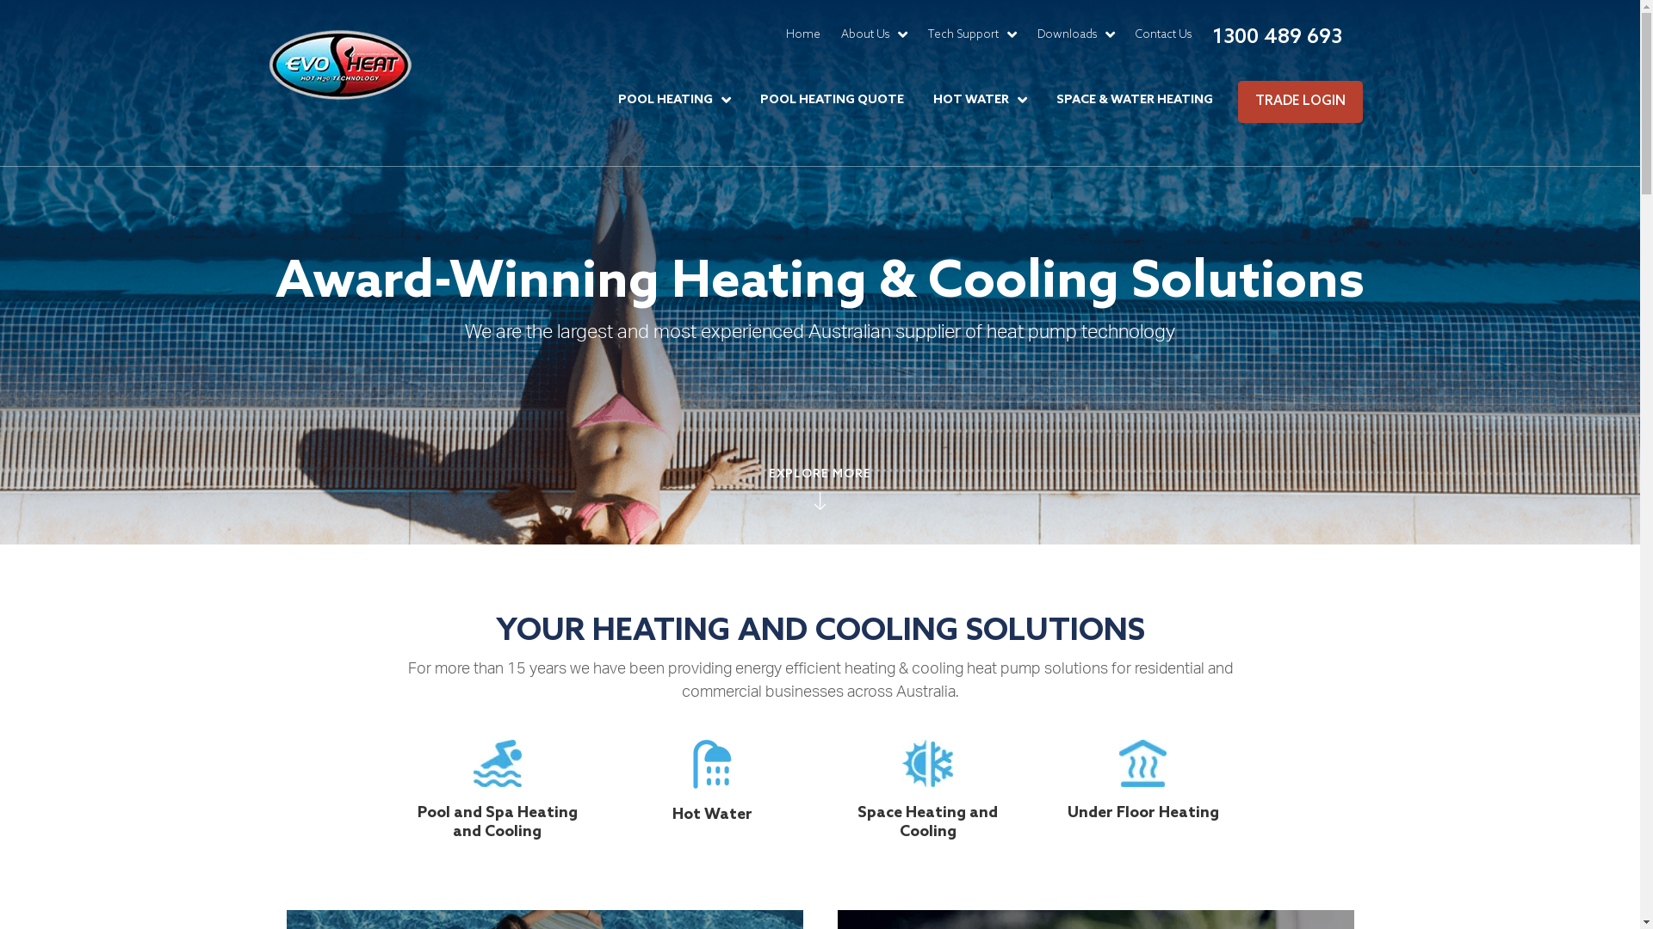 Image resolution: width=1653 pixels, height=929 pixels. What do you see at coordinates (873, 34) in the screenshot?
I see `'About Us'` at bounding box center [873, 34].